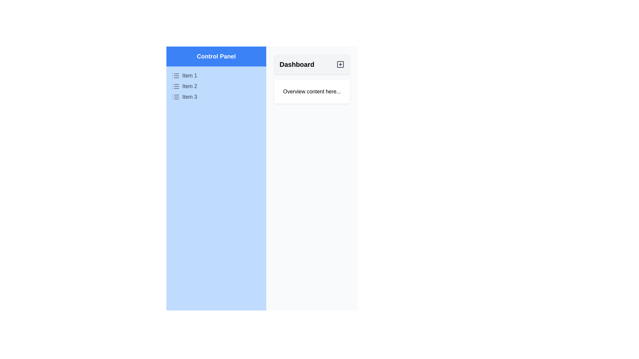 The image size is (639, 359). What do you see at coordinates (216, 56) in the screenshot?
I see `the 'Control Panel' text label, which is styled in bold font and larger size, located in a blue rectangular background at the top-left corner of the interface` at bounding box center [216, 56].